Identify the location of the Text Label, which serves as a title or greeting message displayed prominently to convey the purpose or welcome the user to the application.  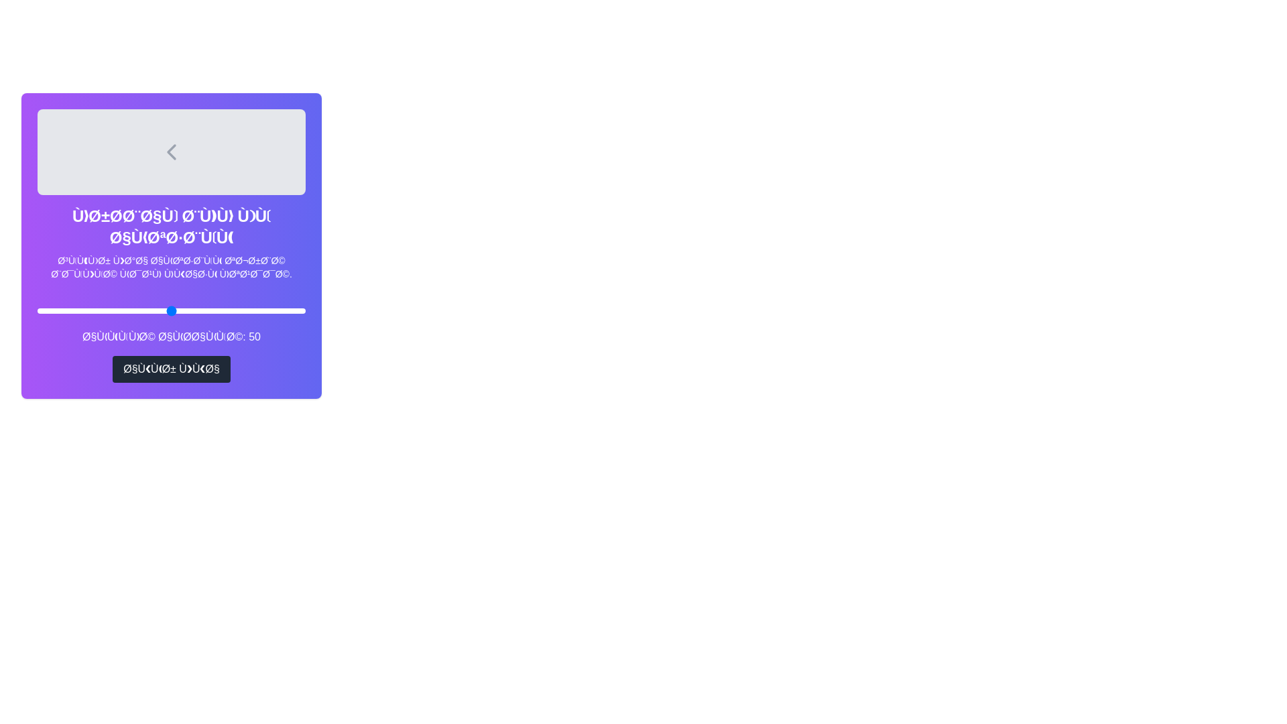
(170, 227).